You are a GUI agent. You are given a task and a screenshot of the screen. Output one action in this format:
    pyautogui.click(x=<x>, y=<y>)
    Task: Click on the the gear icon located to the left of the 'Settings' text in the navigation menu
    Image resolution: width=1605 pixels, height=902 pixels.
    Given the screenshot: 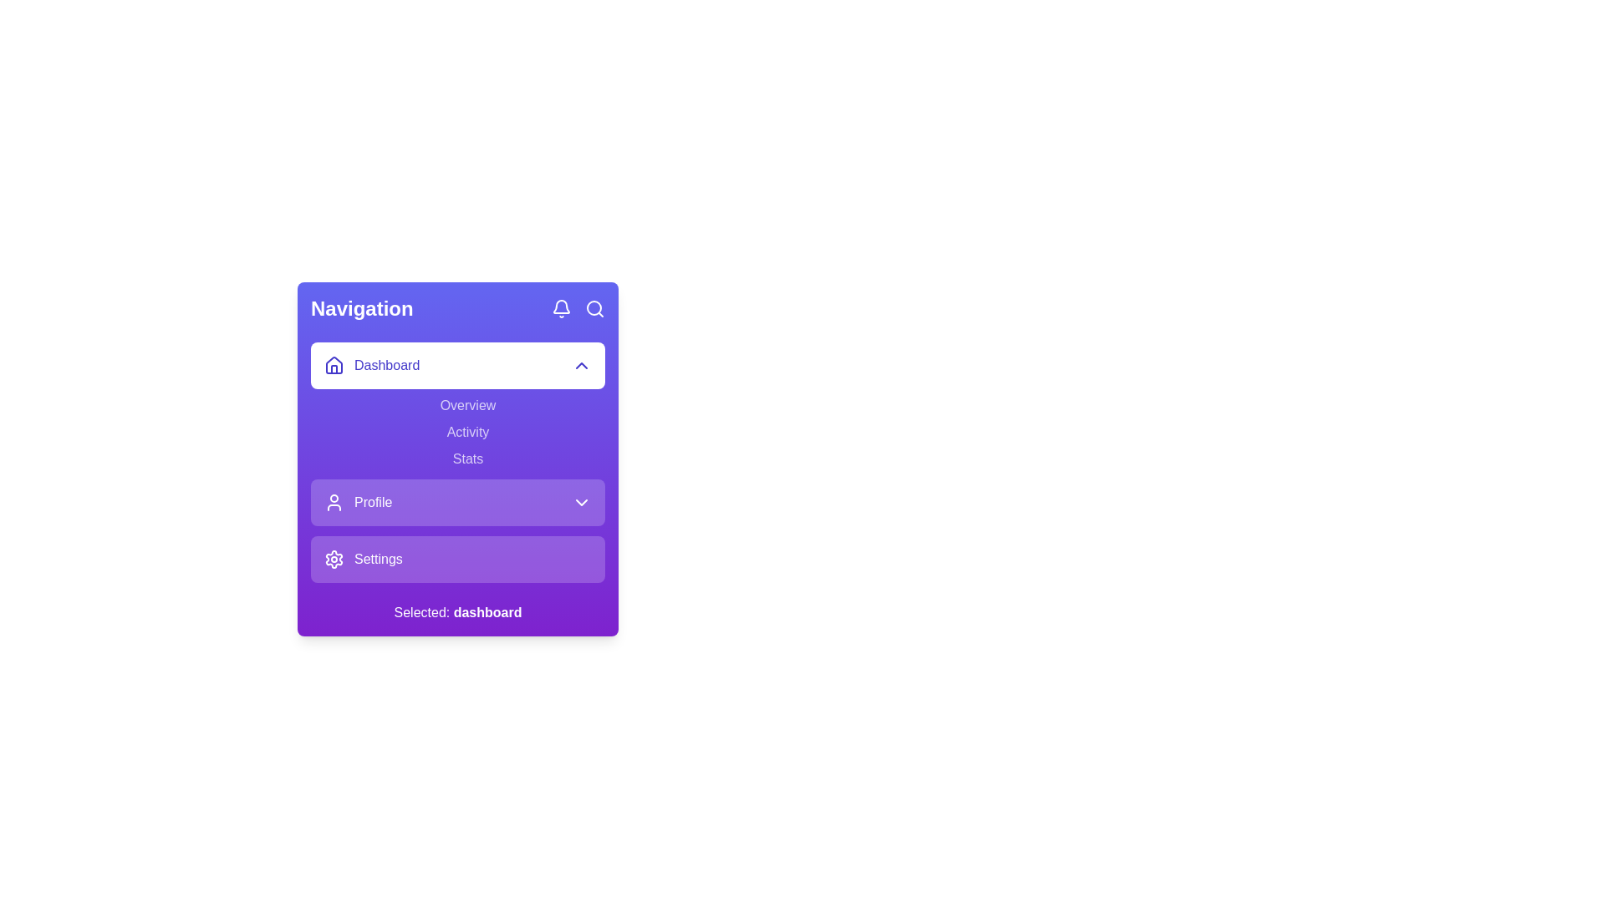 What is the action you would take?
    pyautogui.click(x=334, y=560)
    